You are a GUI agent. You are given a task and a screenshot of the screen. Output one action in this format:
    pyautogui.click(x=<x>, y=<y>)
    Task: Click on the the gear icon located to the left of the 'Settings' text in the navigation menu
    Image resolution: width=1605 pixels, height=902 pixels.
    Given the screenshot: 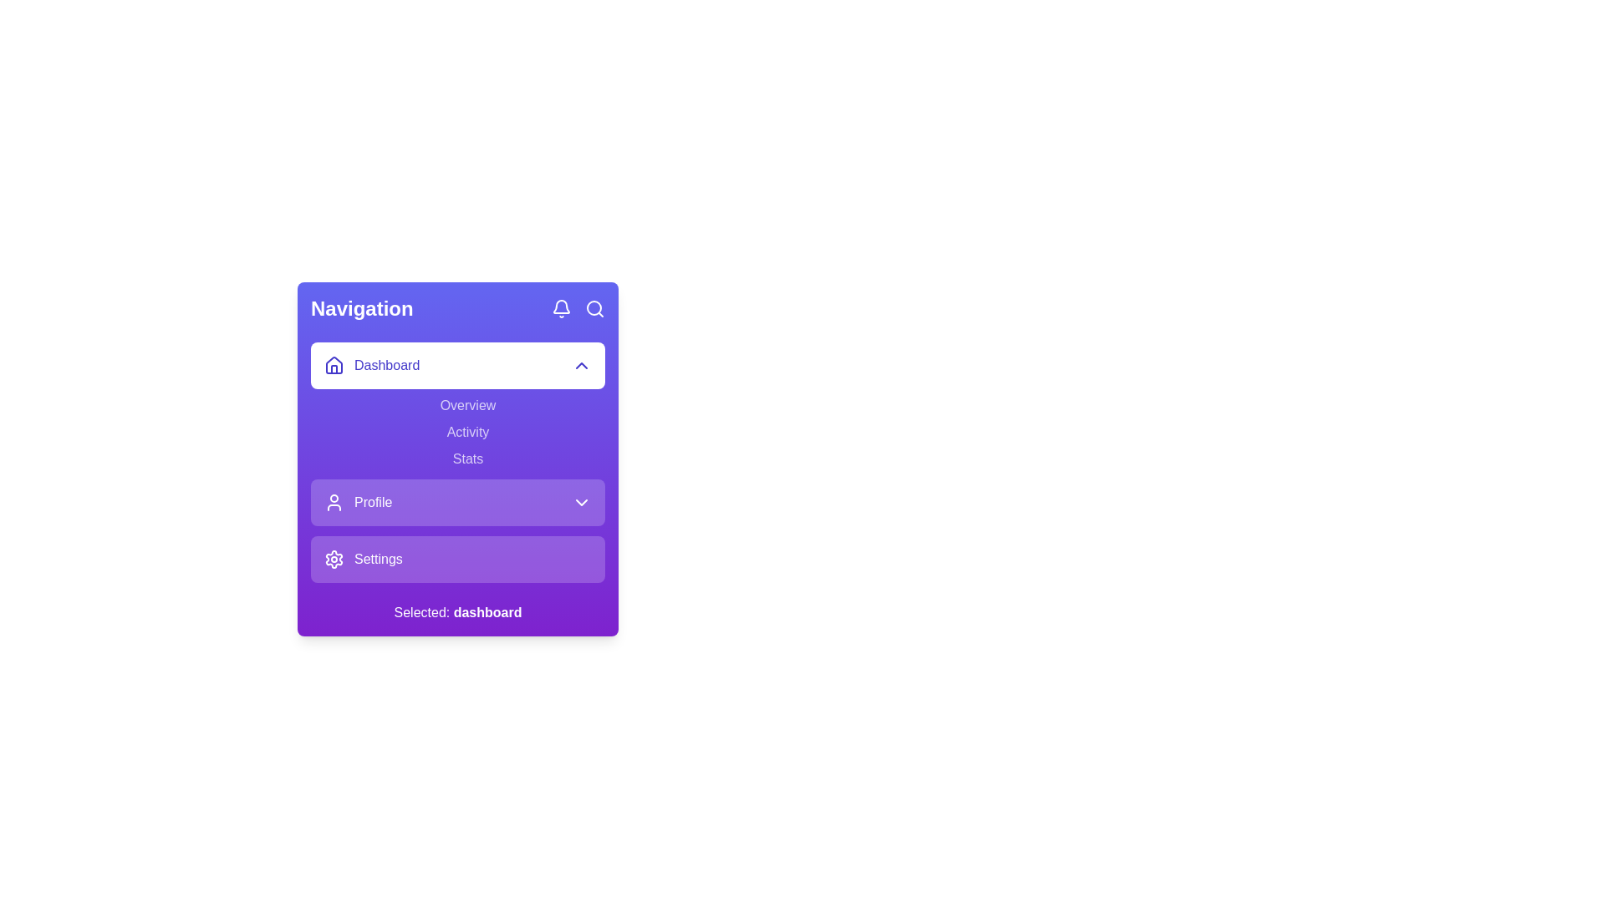 What is the action you would take?
    pyautogui.click(x=334, y=560)
    